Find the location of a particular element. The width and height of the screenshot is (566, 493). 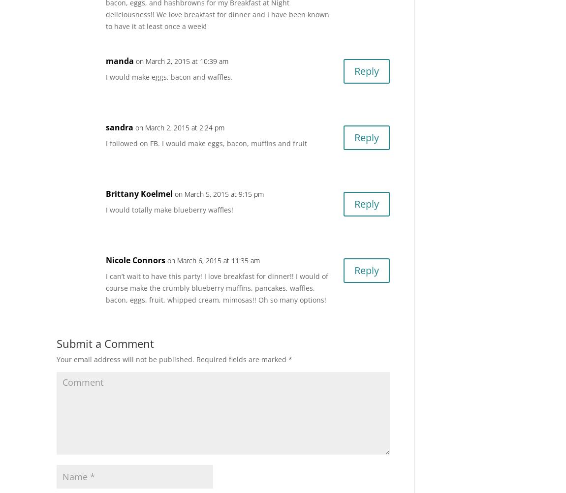

'I can’t wait to have this party! I love breakfast for dinner!! I would of course make the crumbly blueberry muffins, pancakes, waffles, bacon, eggs, fruit, whipped cream, mimosas!! Oh so many options!' is located at coordinates (105, 287).